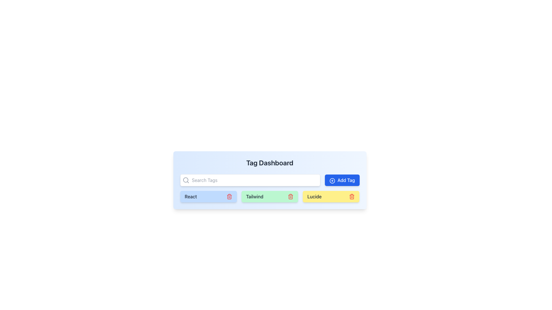 The width and height of the screenshot is (552, 310). What do you see at coordinates (314, 196) in the screenshot?
I see `displayed text of the Text Label that shows 'Lucide' with a medium font weight on a yellow background, positioned as the third tag in a horizontal layout` at bounding box center [314, 196].